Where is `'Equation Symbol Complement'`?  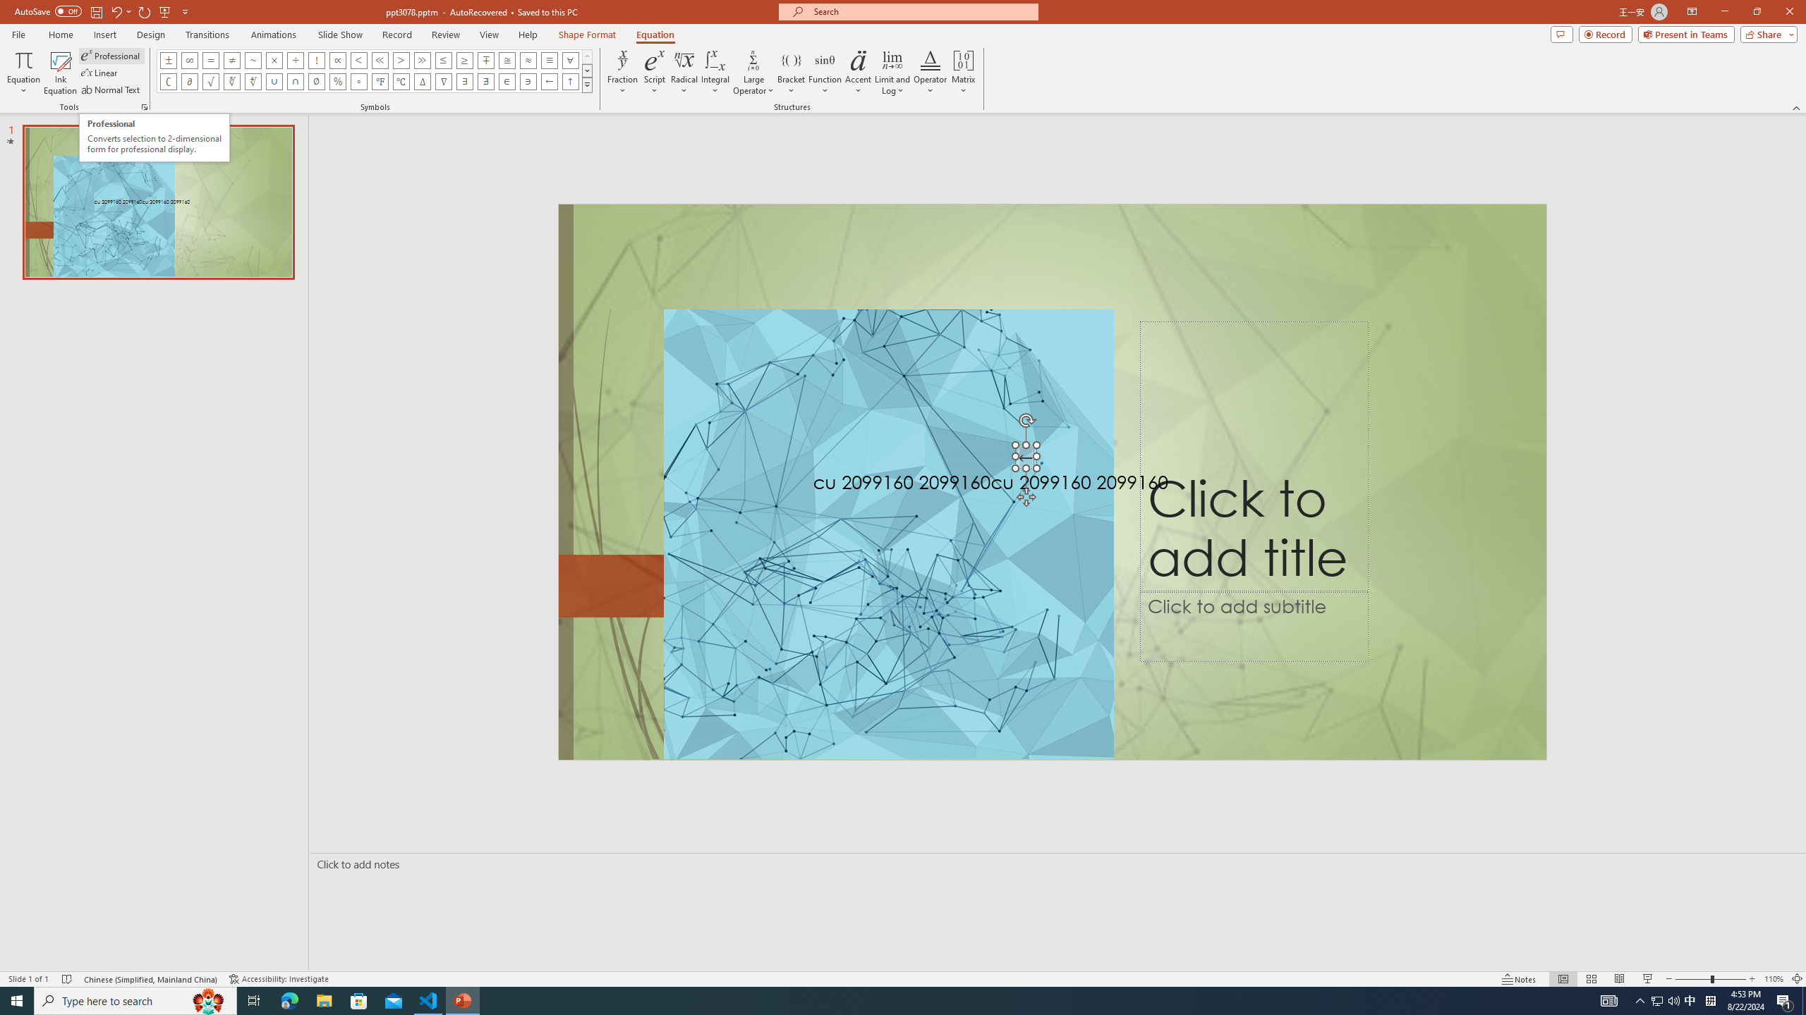
'Equation Symbol Complement' is located at coordinates (169, 80).